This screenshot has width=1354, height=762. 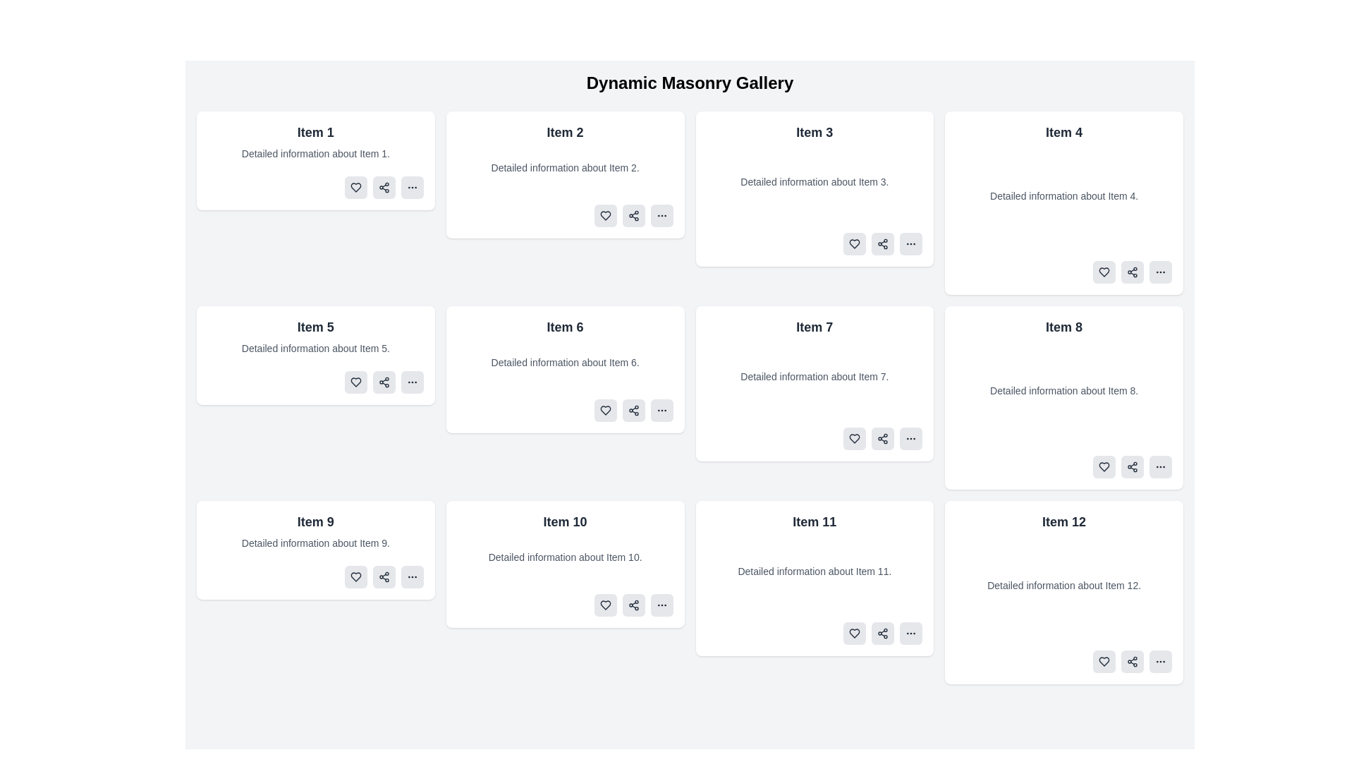 What do you see at coordinates (911, 437) in the screenshot?
I see `the button with a rounded rectangle shape and three small dots (ellipsis) in a dark color, located in the bottom right of the 'Item 7' box` at bounding box center [911, 437].